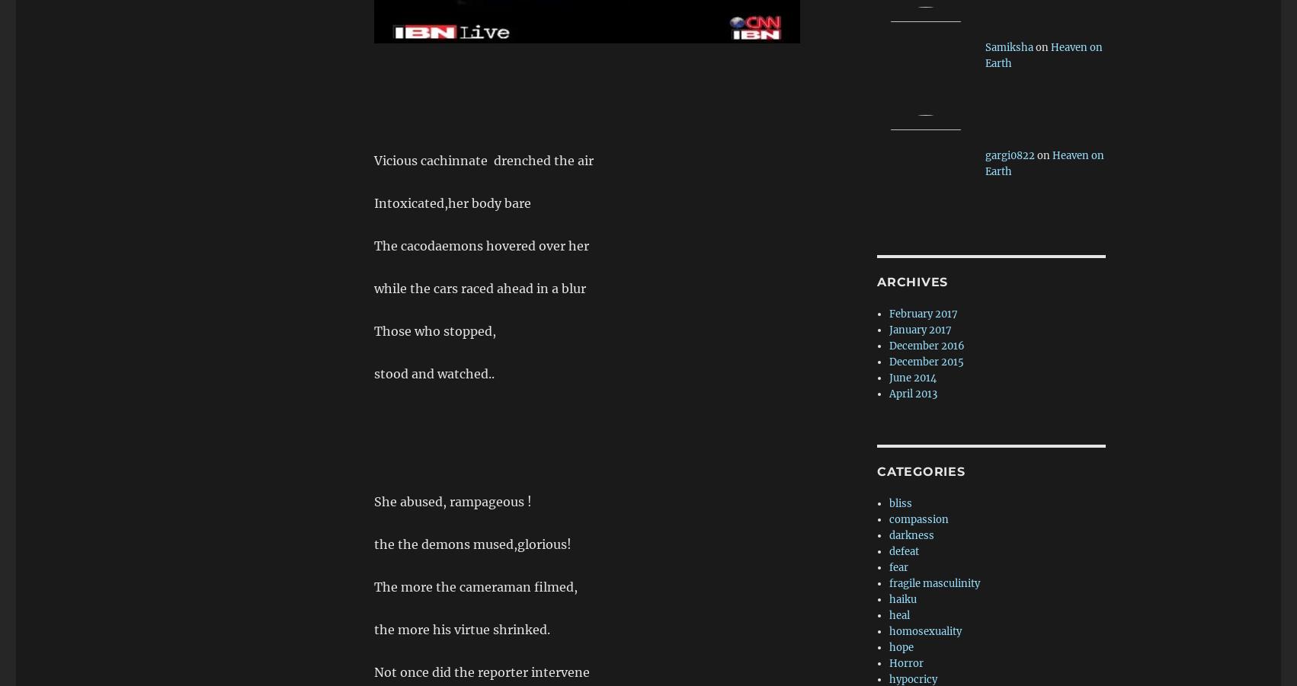  I want to click on 'Categories', so click(921, 471).